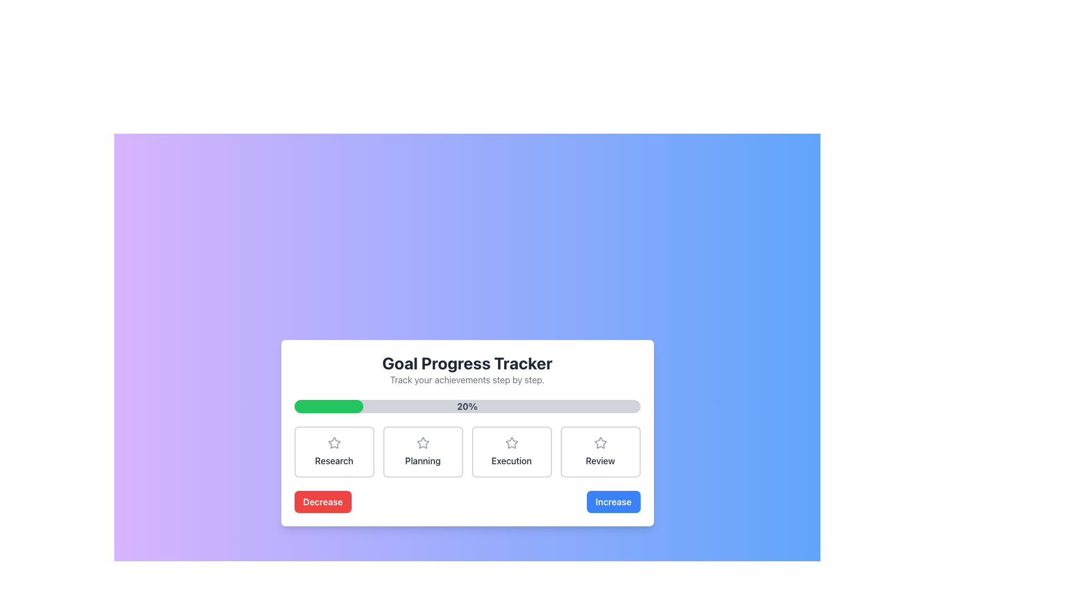 The height and width of the screenshot is (599, 1065). Describe the element at coordinates (600, 442) in the screenshot. I see `the fourth star icon in the 'Goal Progress Tracker' interface, which has a thin gray outline and is filled with white, located next to the text 'Review'` at that location.